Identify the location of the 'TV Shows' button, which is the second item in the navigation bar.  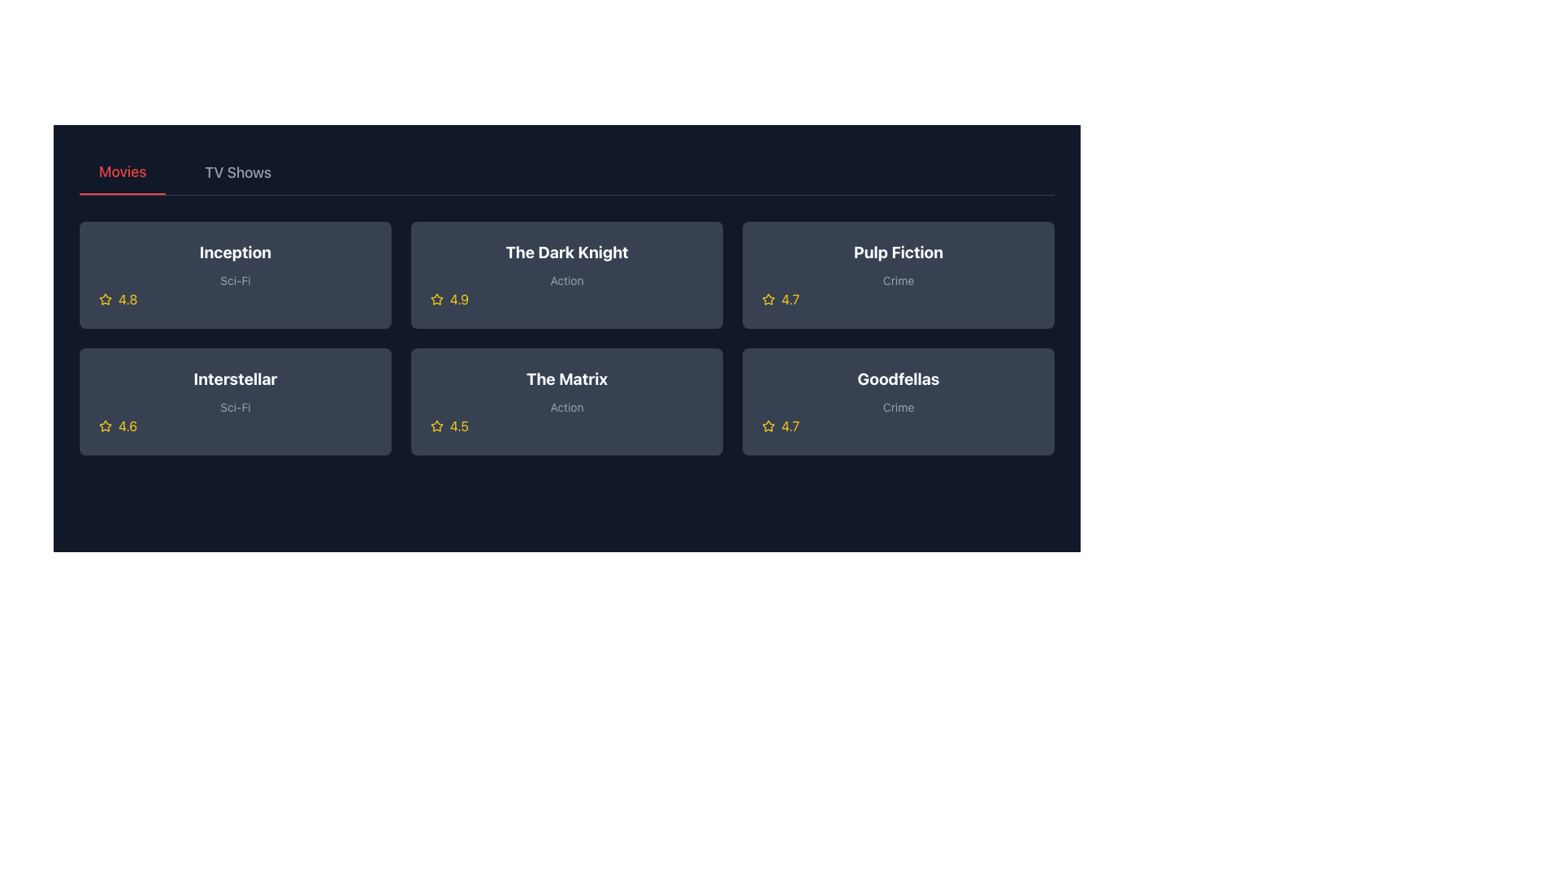
(237, 172).